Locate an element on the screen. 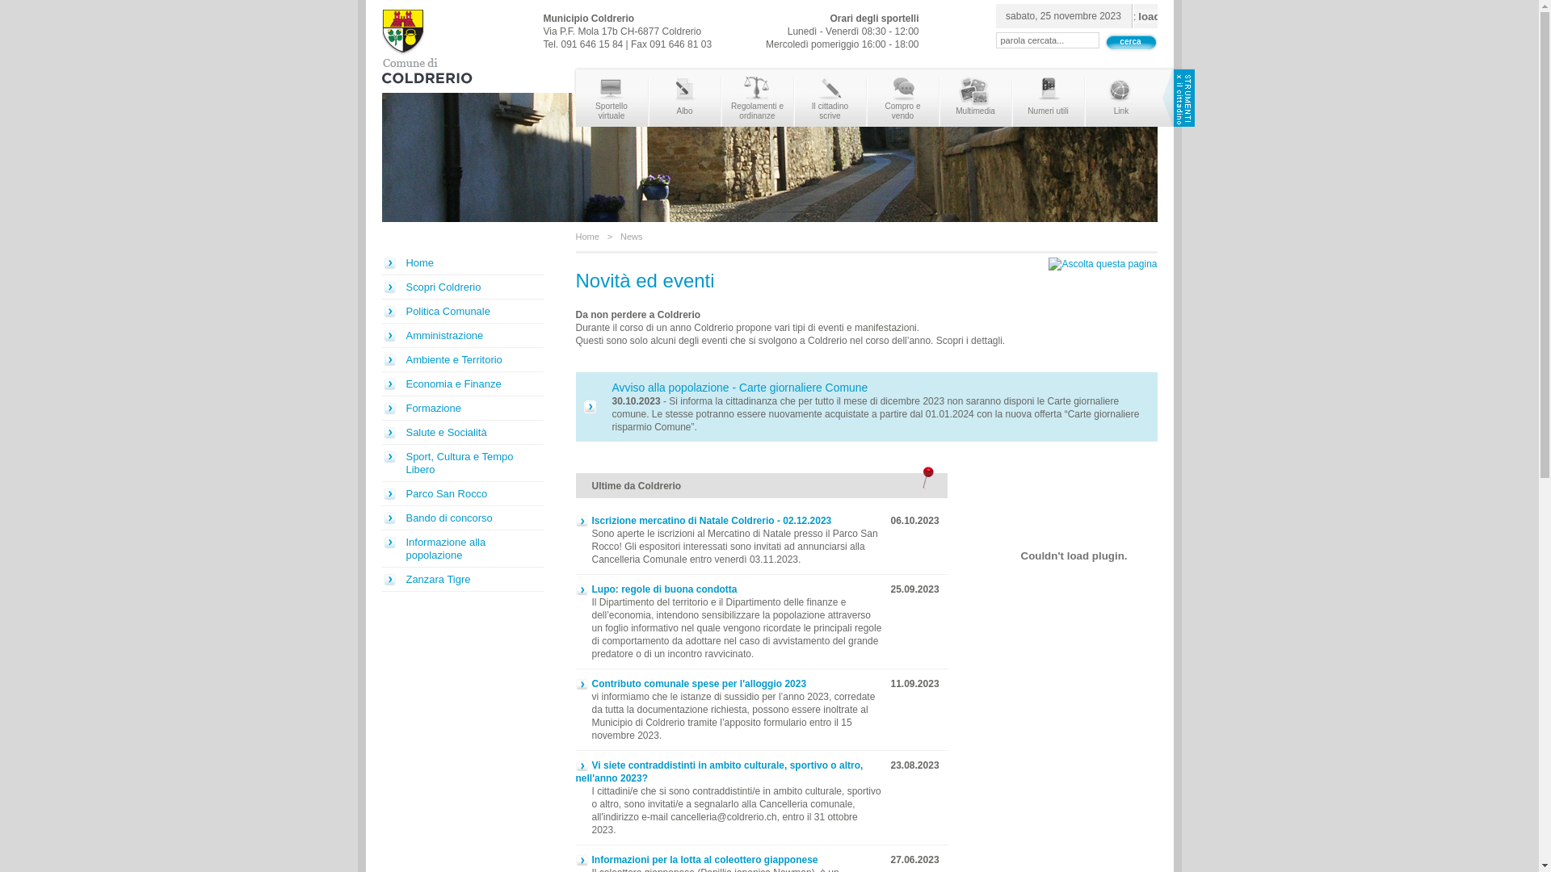 Image resolution: width=1551 pixels, height=872 pixels. 'orologio' is located at coordinates (1145, 15).